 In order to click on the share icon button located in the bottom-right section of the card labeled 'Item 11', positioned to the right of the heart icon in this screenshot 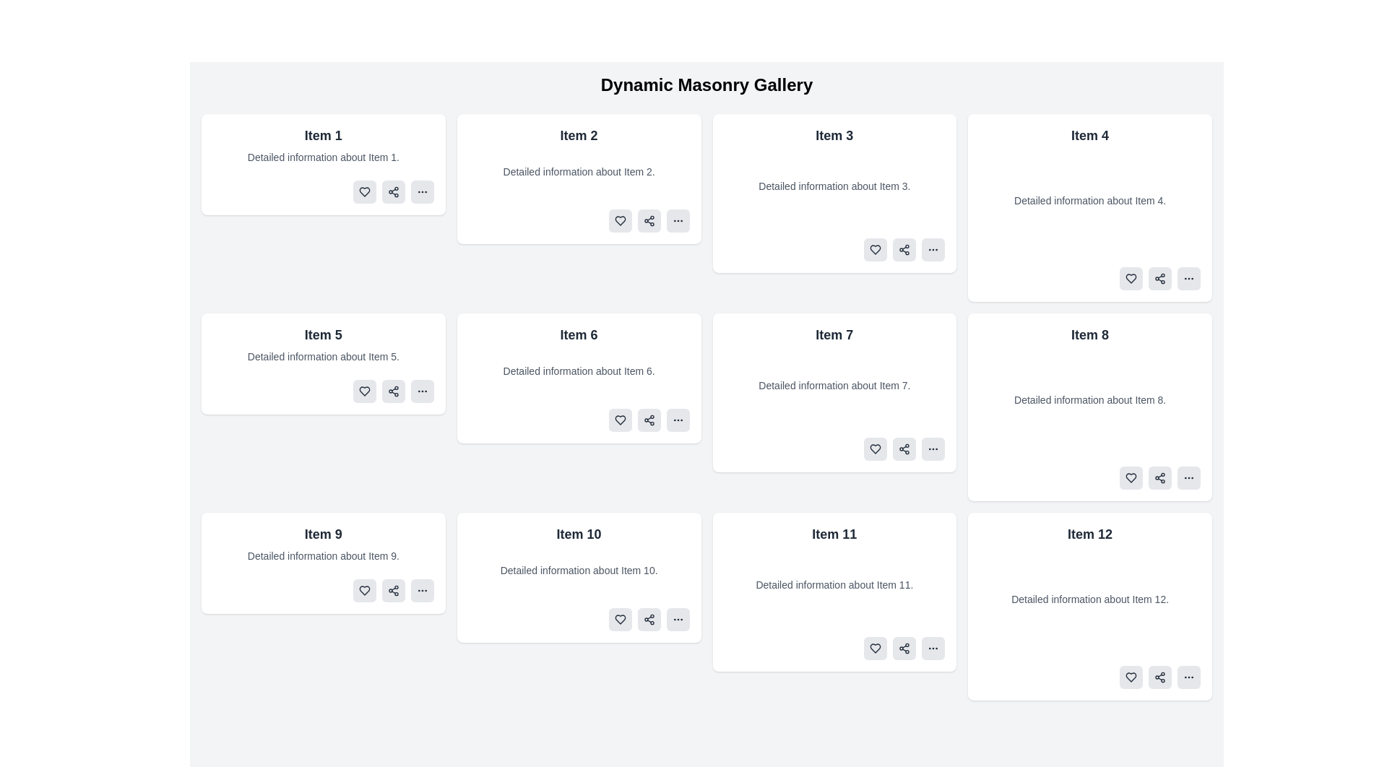, I will do `click(904, 648)`.